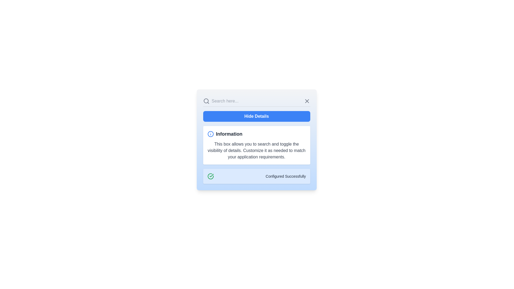 This screenshot has height=289, width=514. I want to click on the 'X' icon located in the top-right corner of the interface, which is rendered in gray and has a thin stroke style, so click(307, 101).